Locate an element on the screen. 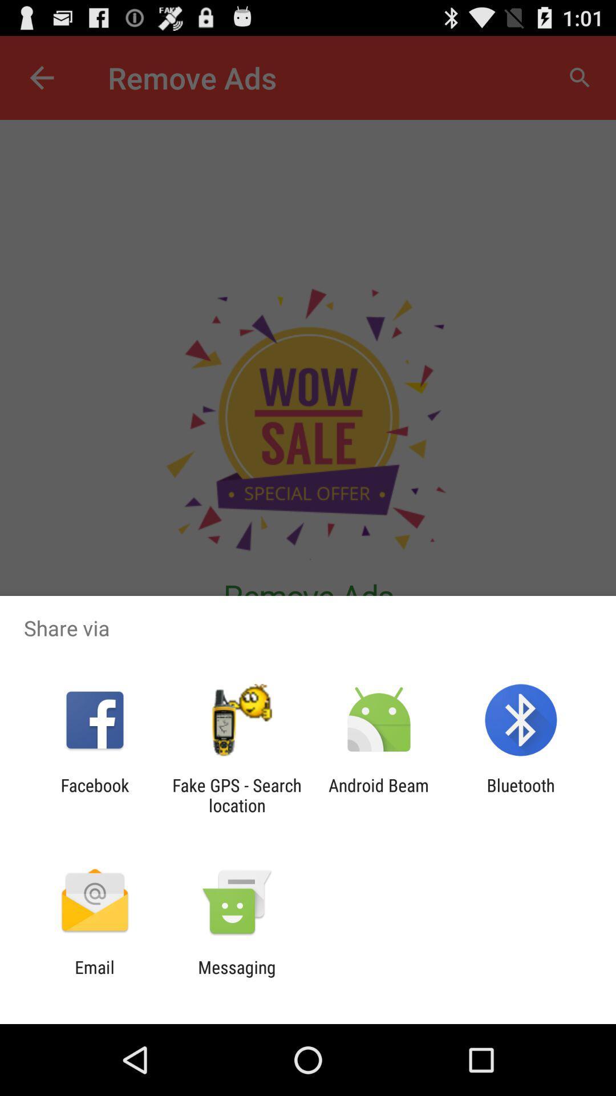  the item to the right of facebook item is located at coordinates (236, 795).